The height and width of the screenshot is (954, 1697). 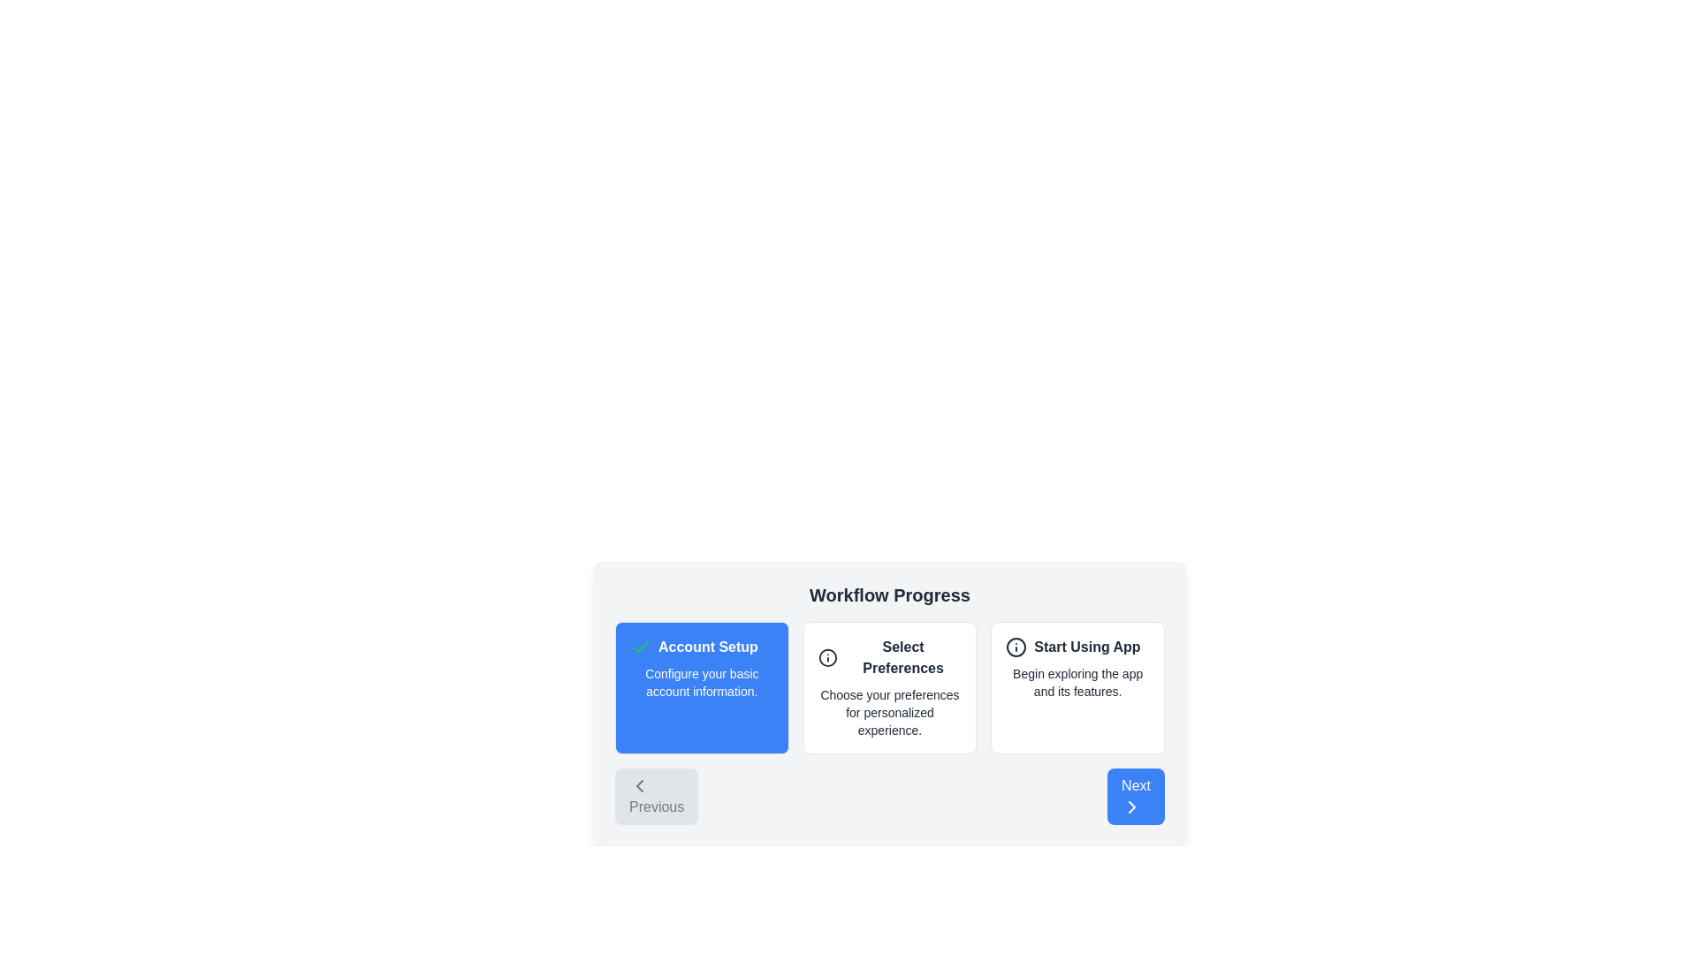 What do you see at coordinates (708, 647) in the screenshot?
I see `the bold text label 'Account Setup' which is styled with a semibold font weight and is white against a blue background, located within the first progress card of a workflow` at bounding box center [708, 647].